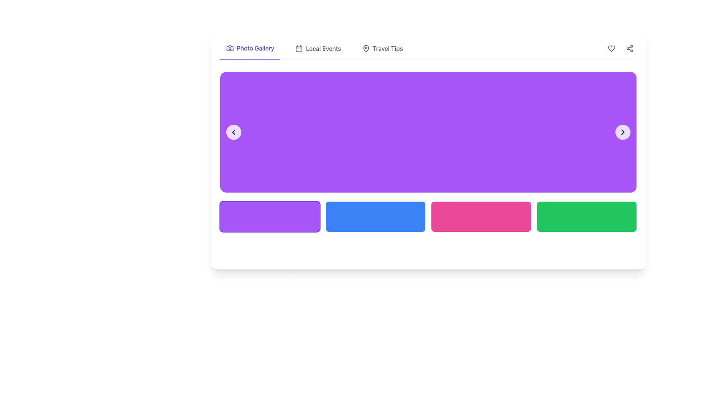  Describe the element at coordinates (233, 132) in the screenshot. I see `the left-pointing chevron icon used as a navigation arrow, which is located on the left side of a large, highlighted content panel, to trigger the hover effect` at that location.